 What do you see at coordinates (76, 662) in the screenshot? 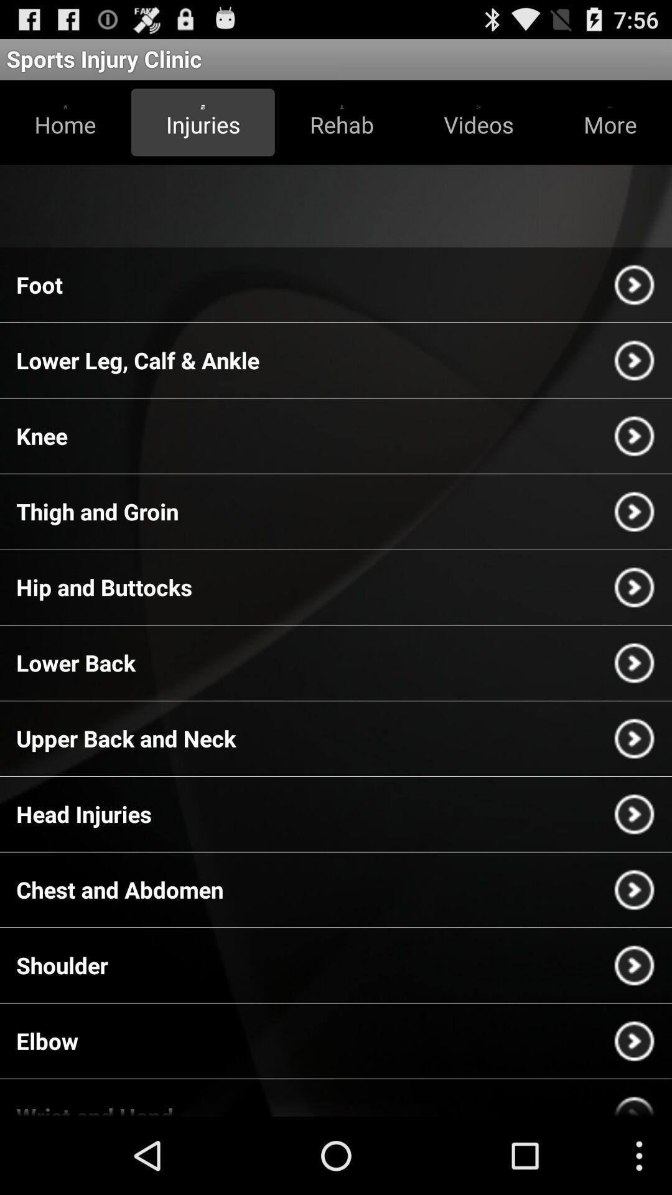
I see `the icon above upper back and app` at bounding box center [76, 662].